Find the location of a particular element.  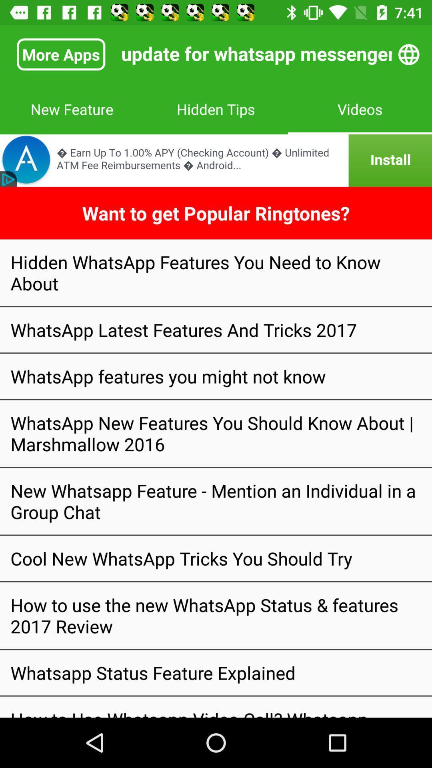

websearch is located at coordinates (409, 54).